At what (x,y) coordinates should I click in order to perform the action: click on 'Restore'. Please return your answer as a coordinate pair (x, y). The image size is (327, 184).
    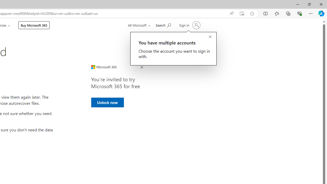
    Looking at the image, I should click on (309, 4).